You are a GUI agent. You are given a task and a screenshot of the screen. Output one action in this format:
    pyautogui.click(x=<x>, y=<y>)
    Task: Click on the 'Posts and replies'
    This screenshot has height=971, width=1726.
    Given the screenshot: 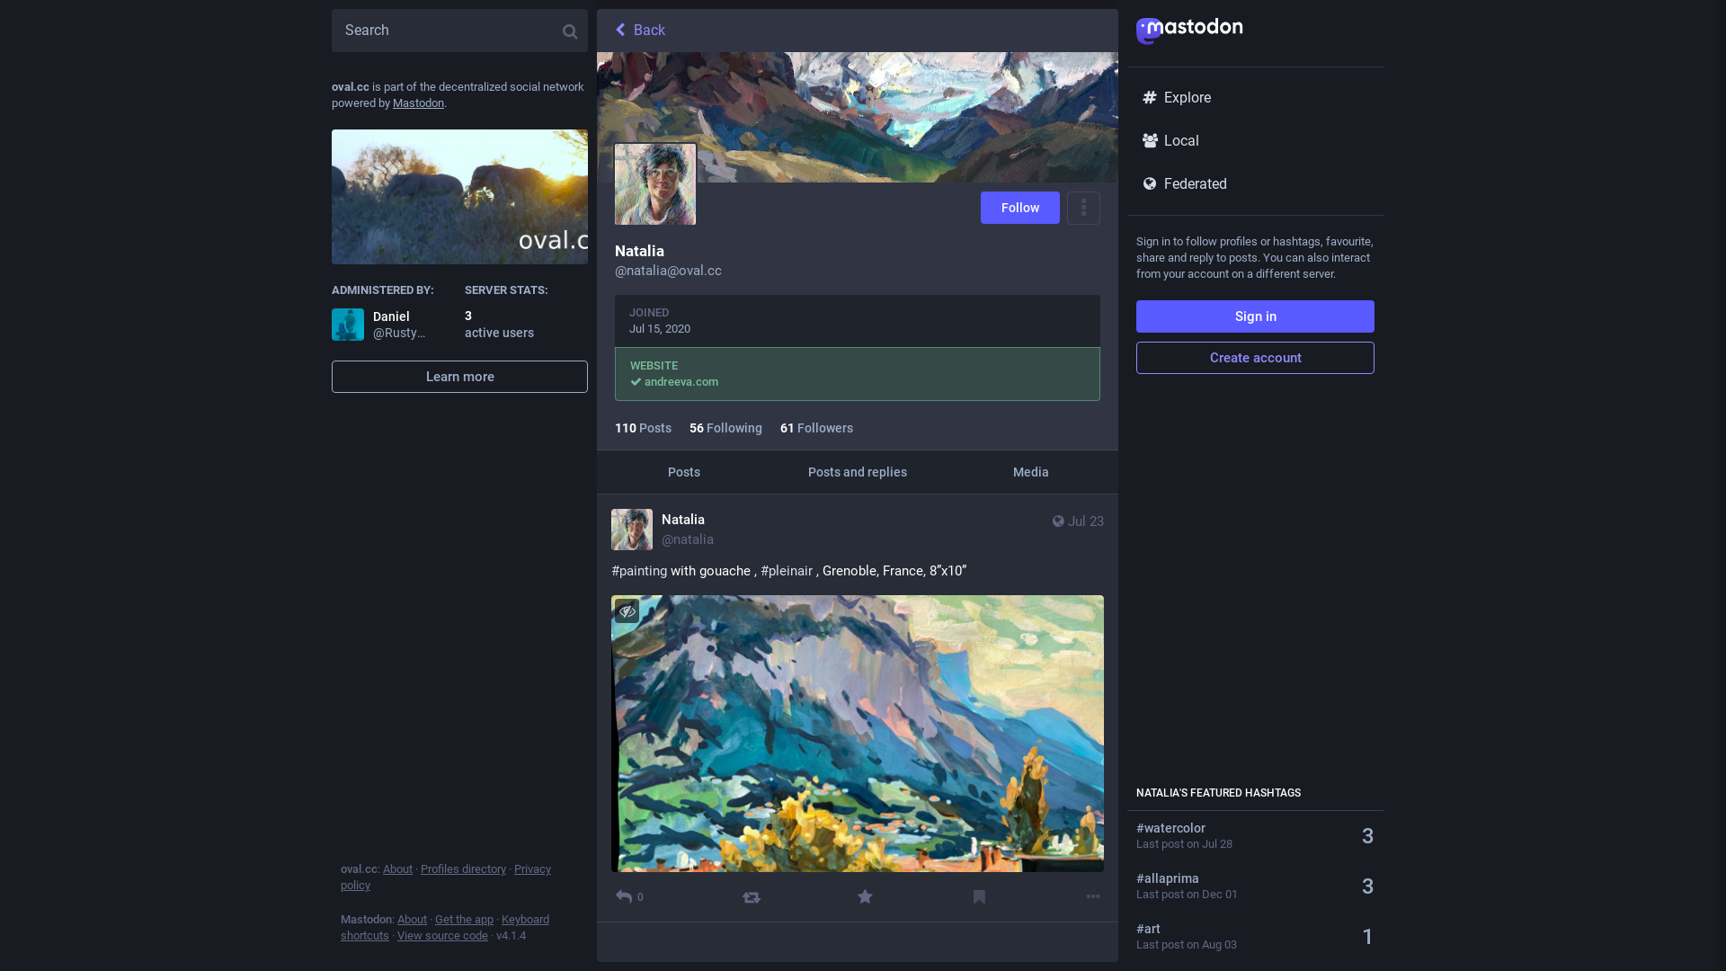 What is the action you would take?
    pyautogui.click(x=856, y=470)
    